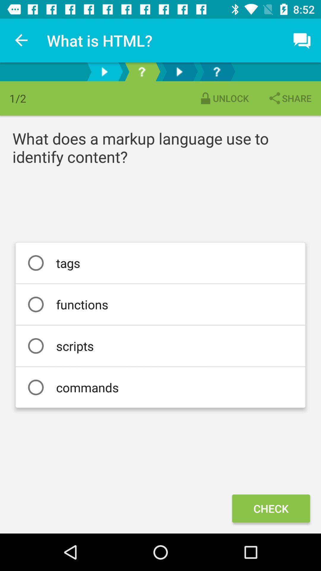 The image size is (321, 571). I want to click on previous question, so click(104, 71).